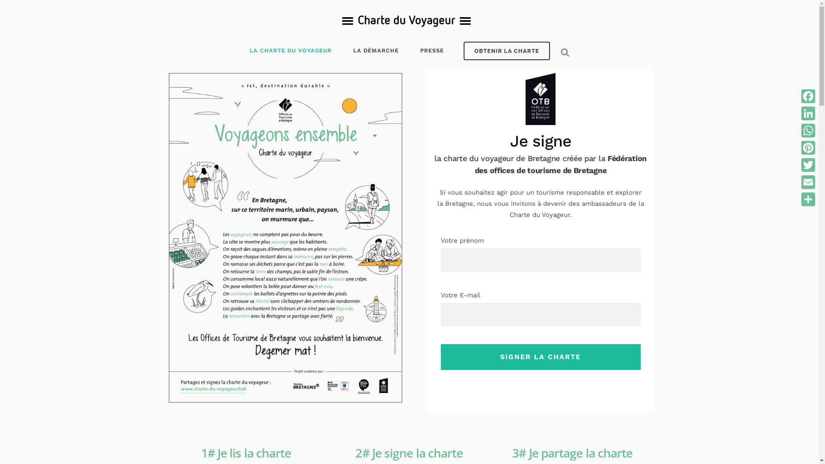 This screenshot has height=464, width=825. Describe the element at coordinates (808, 199) in the screenshot. I see `'Partager'` at that location.